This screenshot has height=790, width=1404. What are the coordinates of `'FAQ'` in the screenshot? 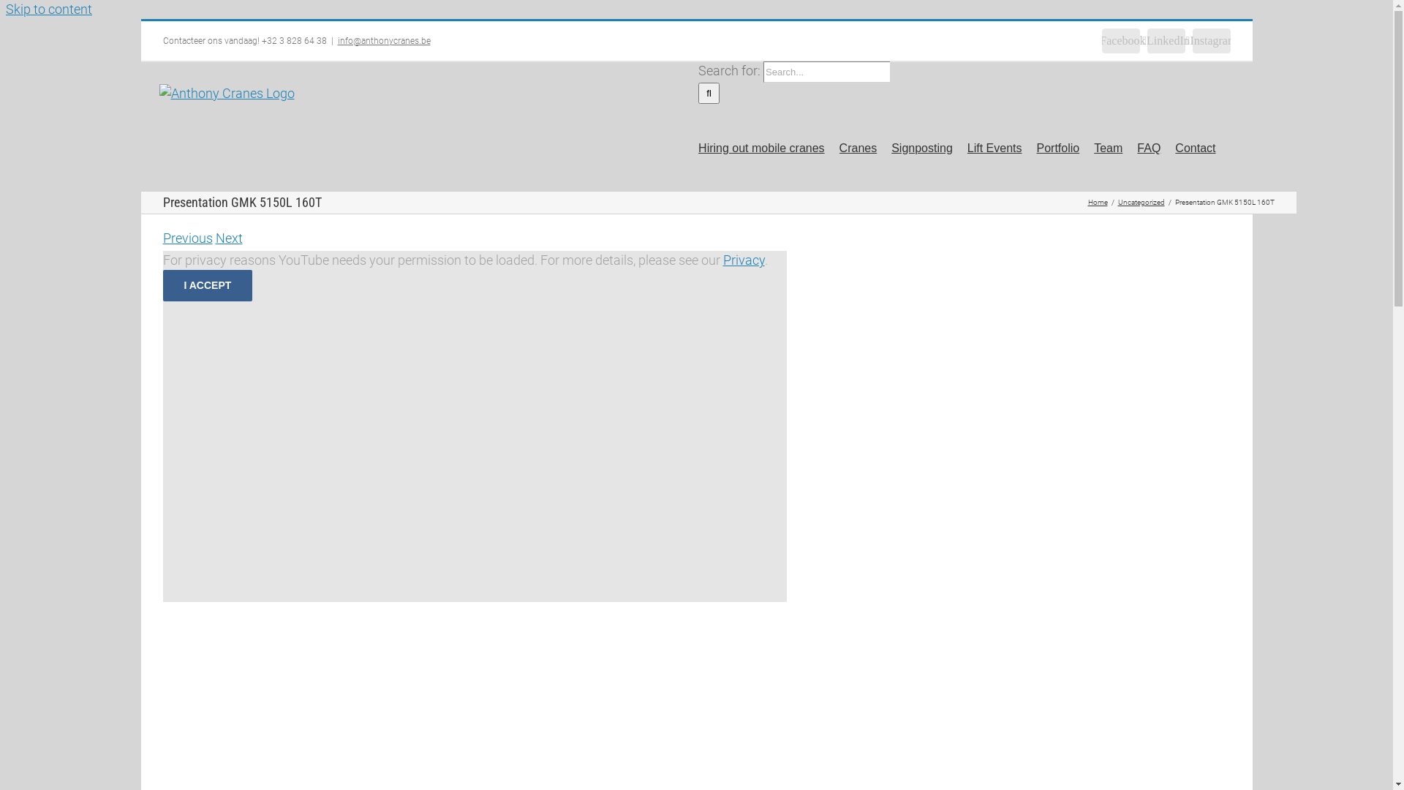 It's located at (1147, 147).